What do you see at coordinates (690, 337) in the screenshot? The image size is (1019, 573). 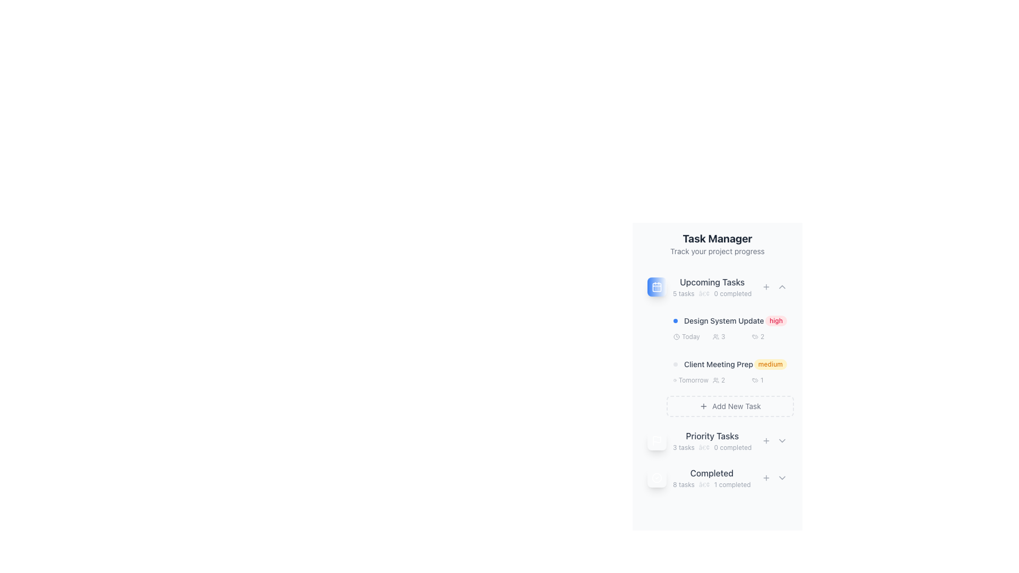 I see `text of the label with an icon indicating the due date for the 'Design System Update' task, which specifies it as 'Today'` at bounding box center [690, 337].